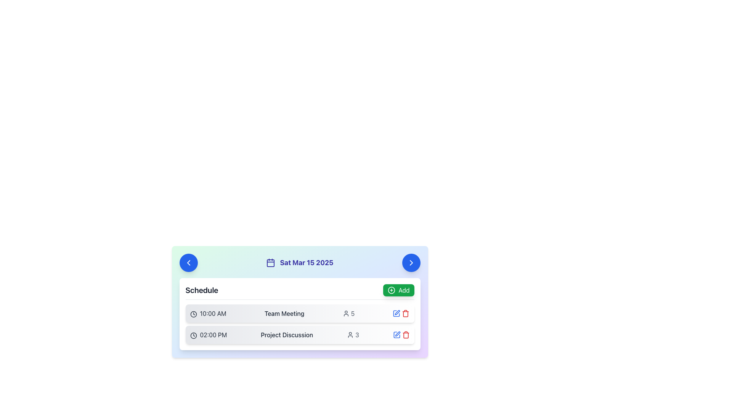 The height and width of the screenshot is (412, 732). Describe the element at coordinates (350, 335) in the screenshot. I see `the user count icon for the 'Project Discussion' event, which is positioned to the left of the numerical text '3'` at that location.